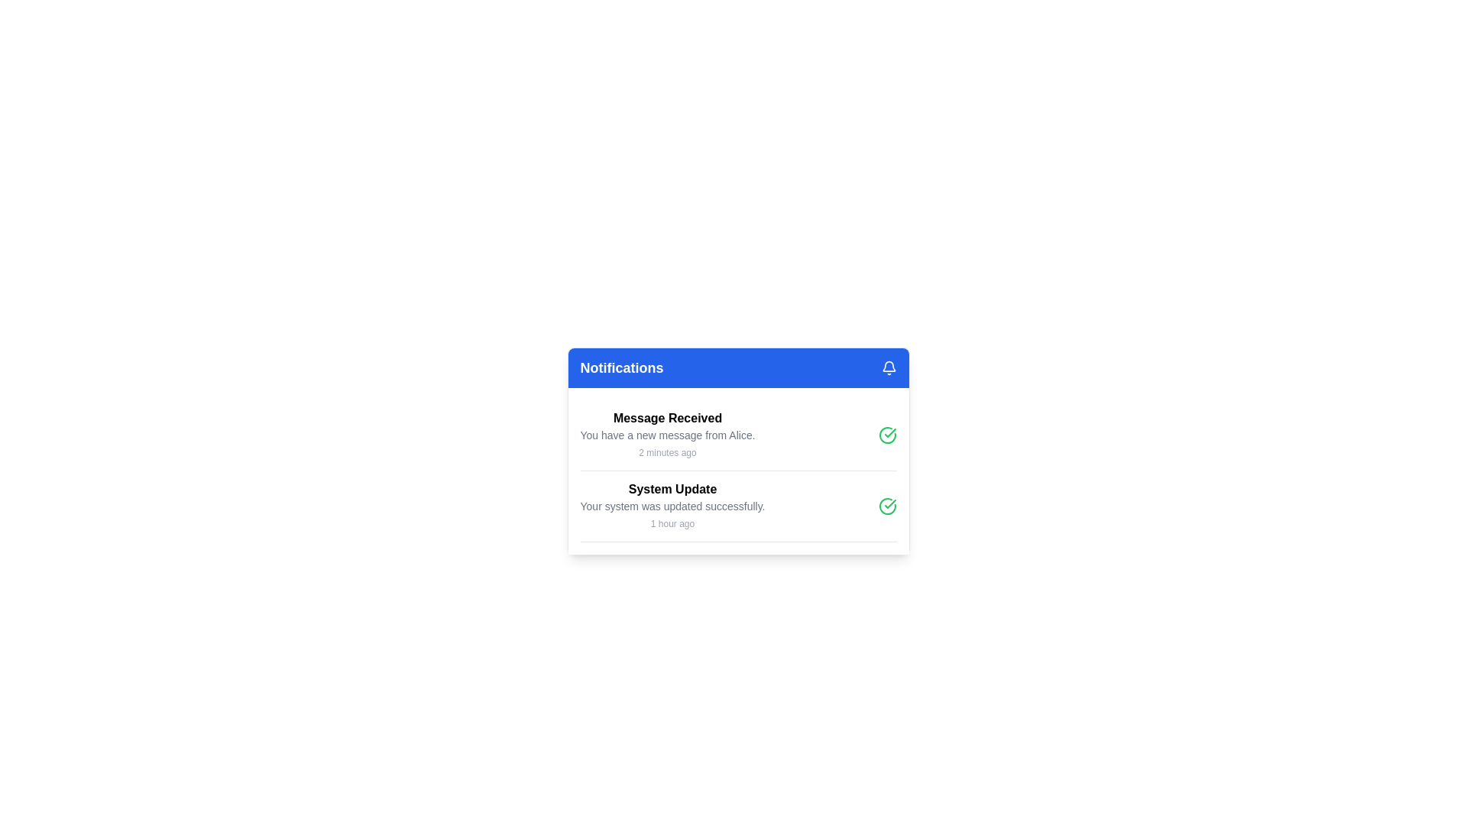 The image size is (1467, 825). I want to click on the completion icon located at the right edge of the 'System Update' notification, so click(887, 506).